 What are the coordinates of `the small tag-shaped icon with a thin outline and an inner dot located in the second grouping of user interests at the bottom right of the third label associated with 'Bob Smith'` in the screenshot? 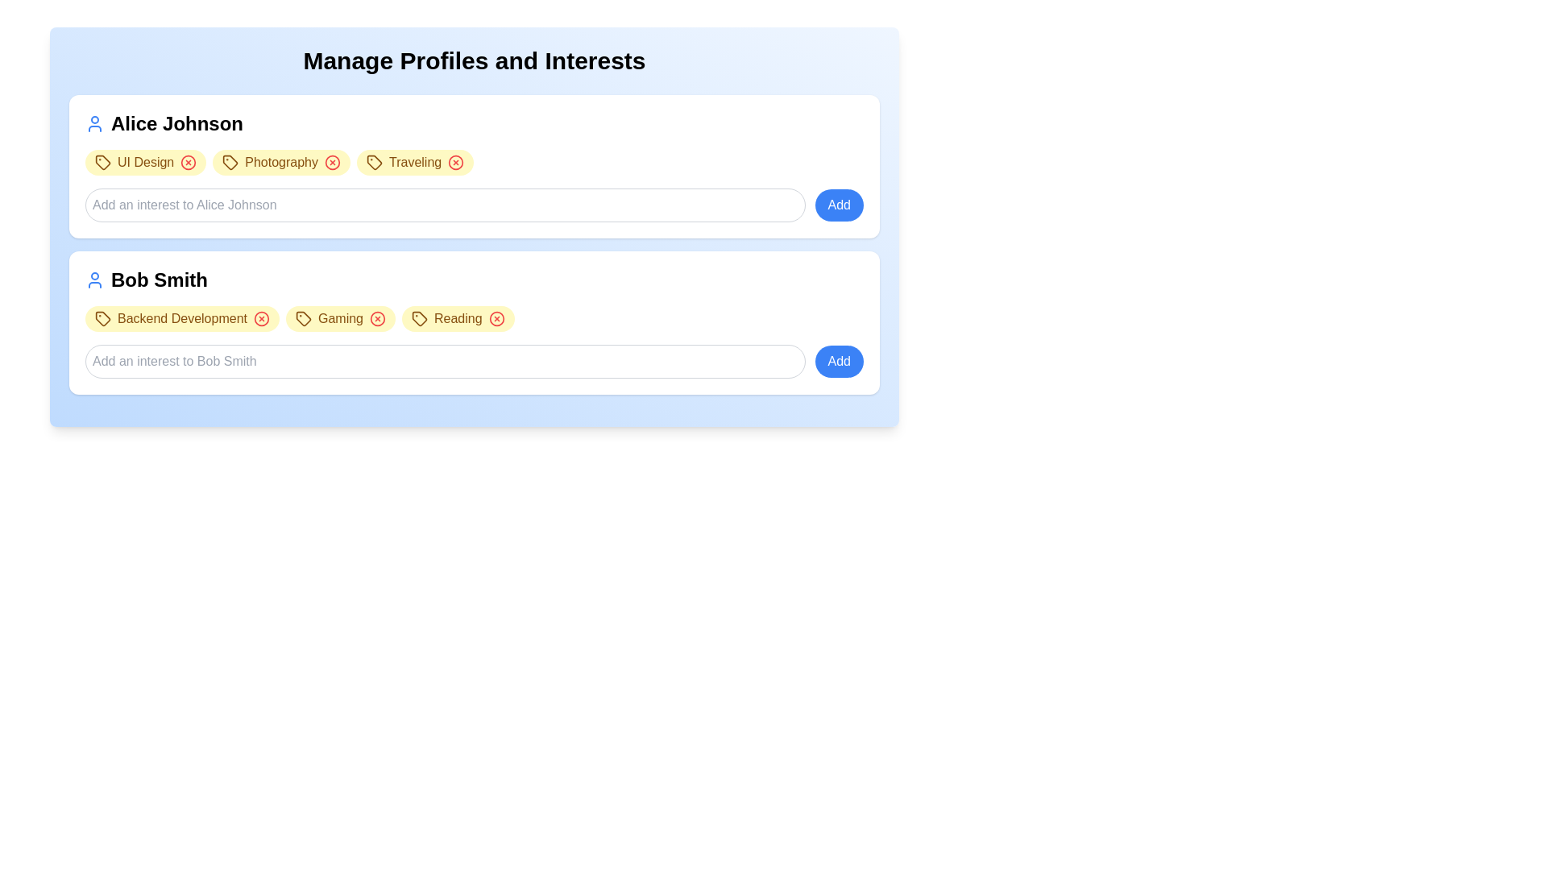 It's located at (420, 319).